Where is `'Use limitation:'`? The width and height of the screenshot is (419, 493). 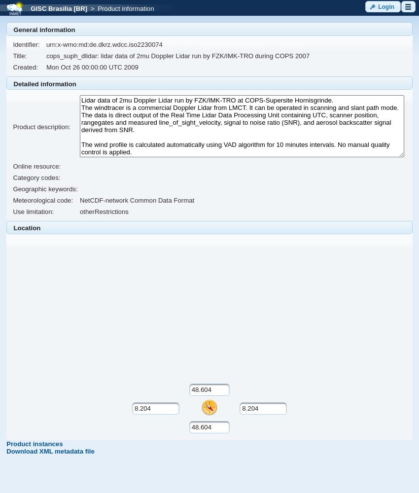
'Use limitation:' is located at coordinates (33, 211).